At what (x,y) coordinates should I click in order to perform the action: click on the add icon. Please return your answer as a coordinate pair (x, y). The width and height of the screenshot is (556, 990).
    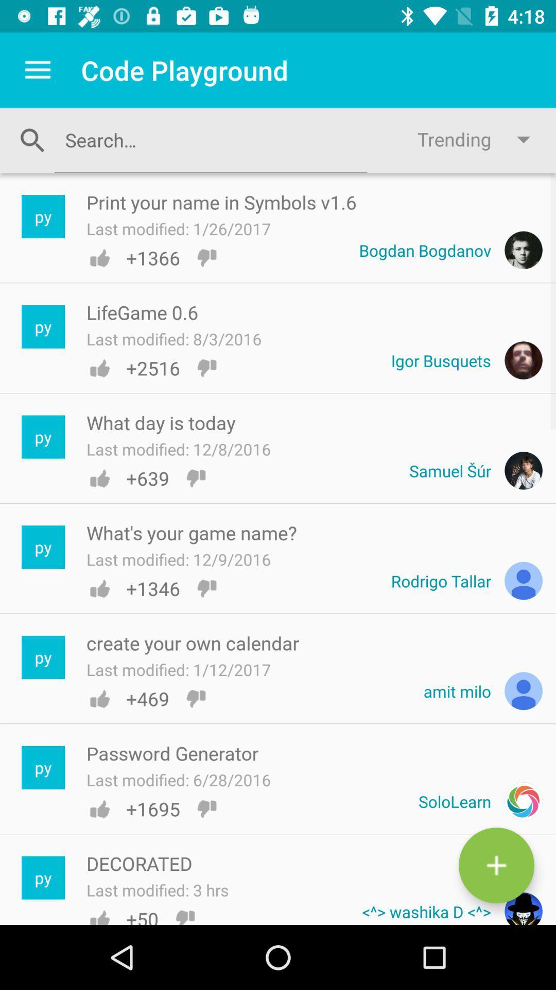
    Looking at the image, I should click on (496, 865).